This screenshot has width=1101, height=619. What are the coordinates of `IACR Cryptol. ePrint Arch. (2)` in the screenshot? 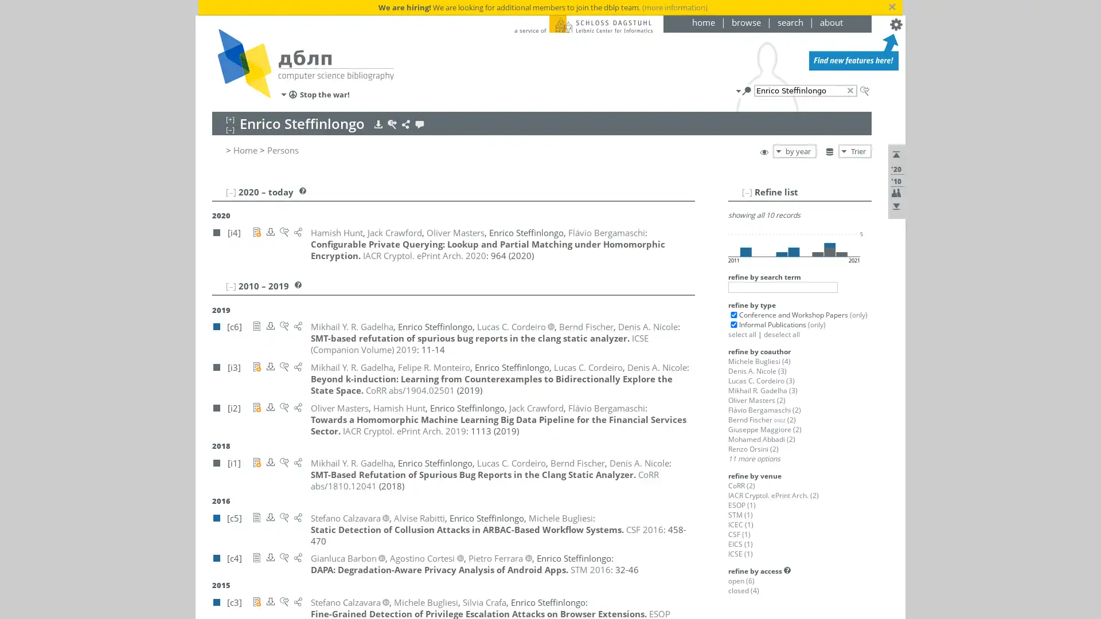 It's located at (773, 495).